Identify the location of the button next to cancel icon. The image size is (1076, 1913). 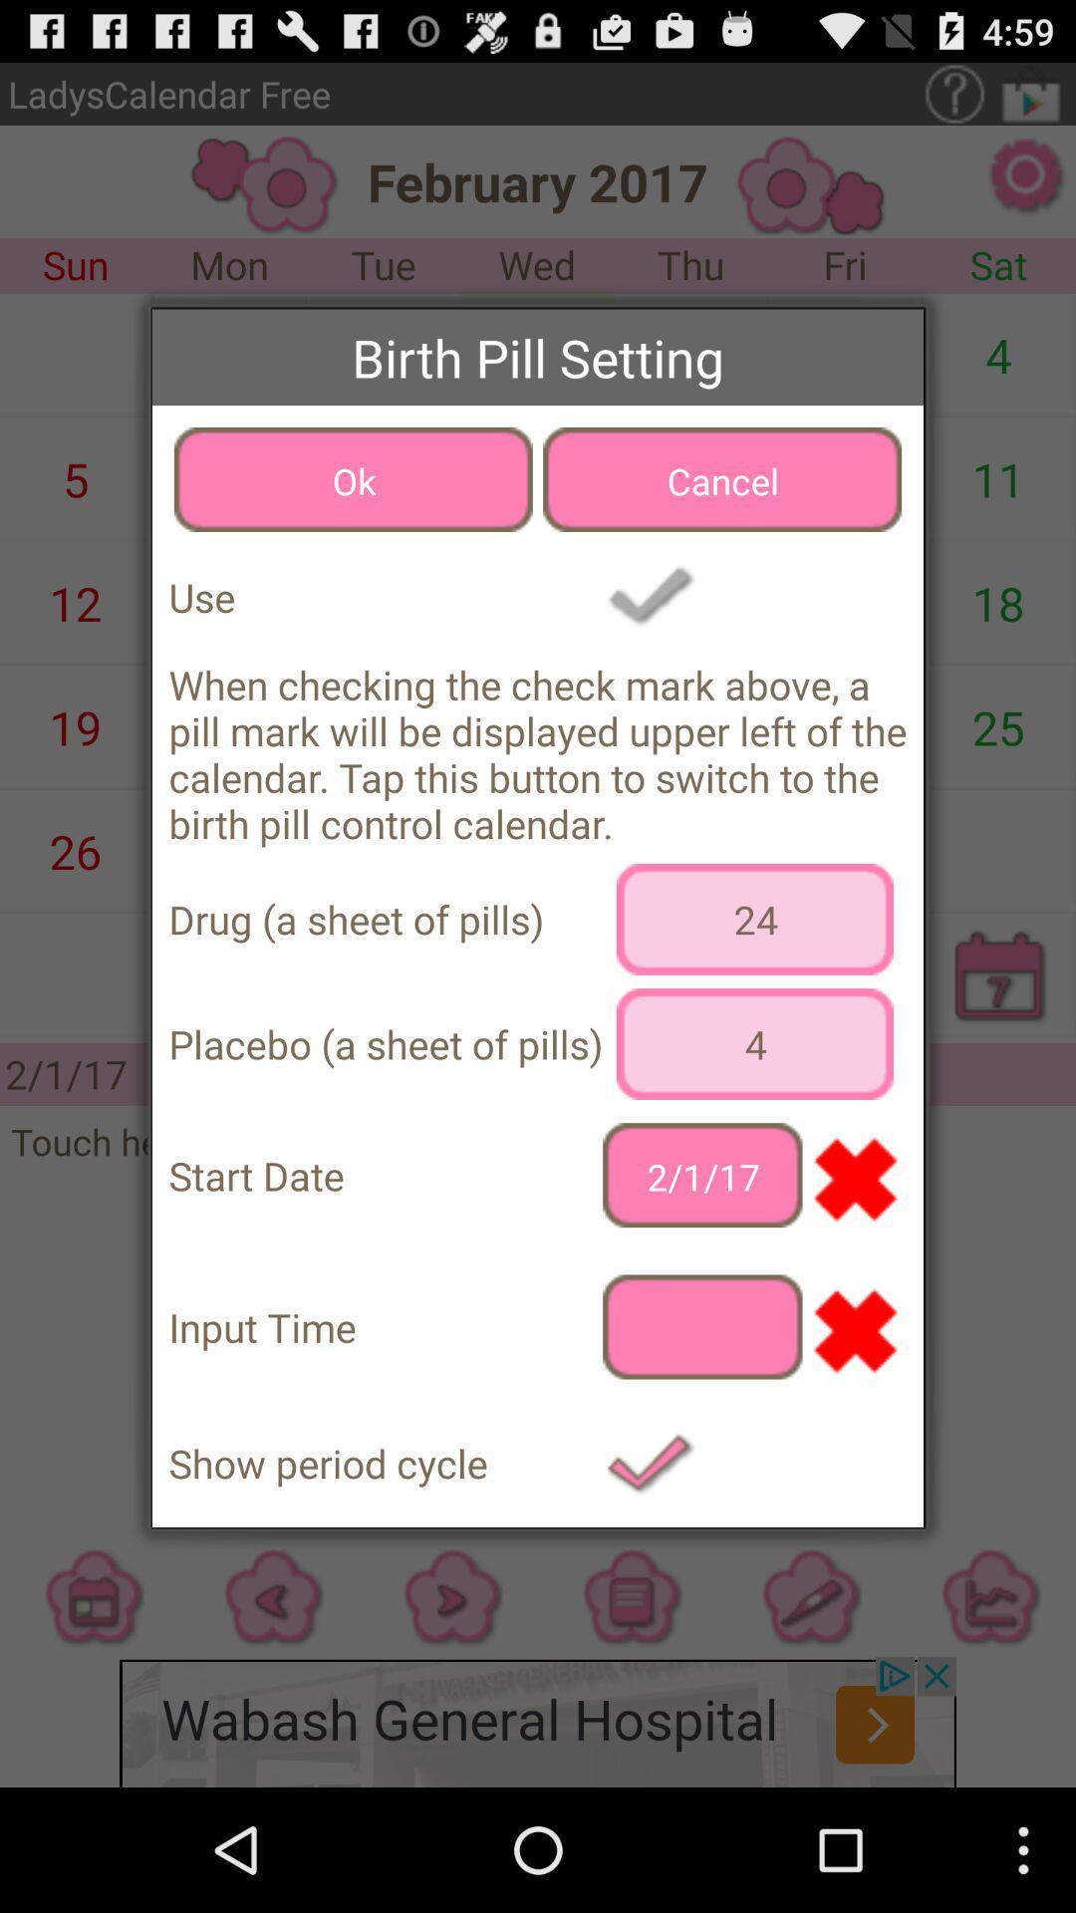
(352, 479).